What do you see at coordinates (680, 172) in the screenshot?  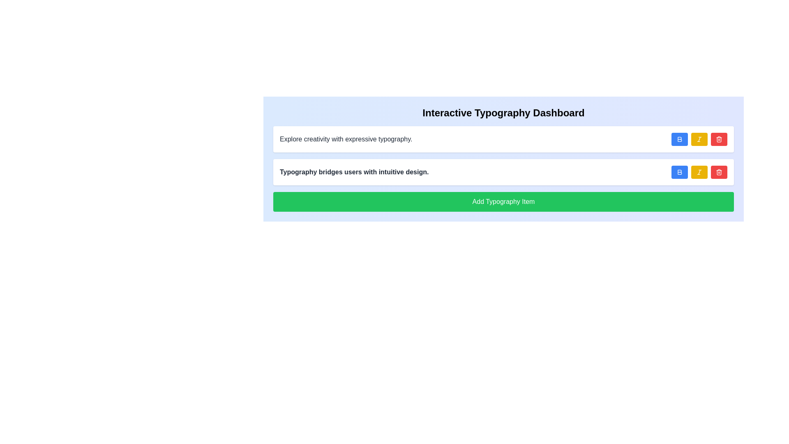 I see `the blue icon button with a white letter 'B' centered inside to apply bold formatting` at bounding box center [680, 172].